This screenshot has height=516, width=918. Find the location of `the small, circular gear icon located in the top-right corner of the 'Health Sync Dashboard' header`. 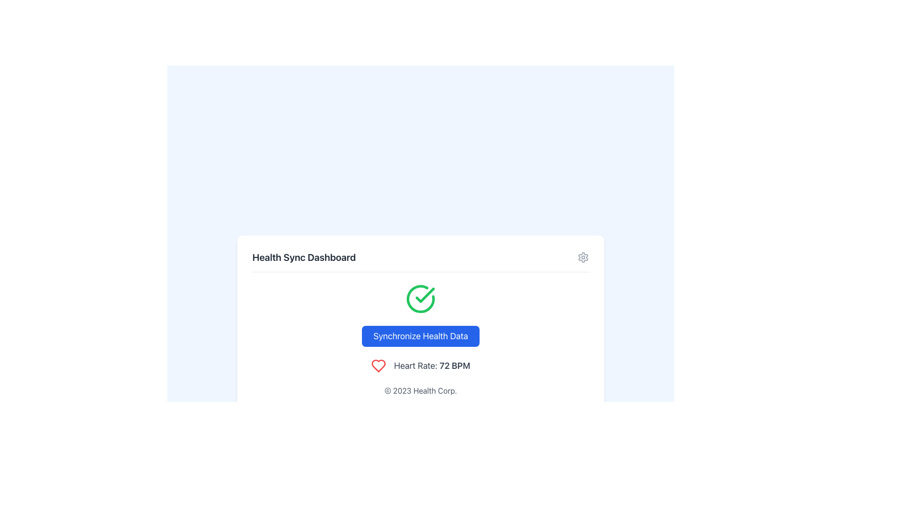

the small, circular gear icon located in the top-right corner of the 'Health Sync Dashboard' header is located at coordinates (582, 257).